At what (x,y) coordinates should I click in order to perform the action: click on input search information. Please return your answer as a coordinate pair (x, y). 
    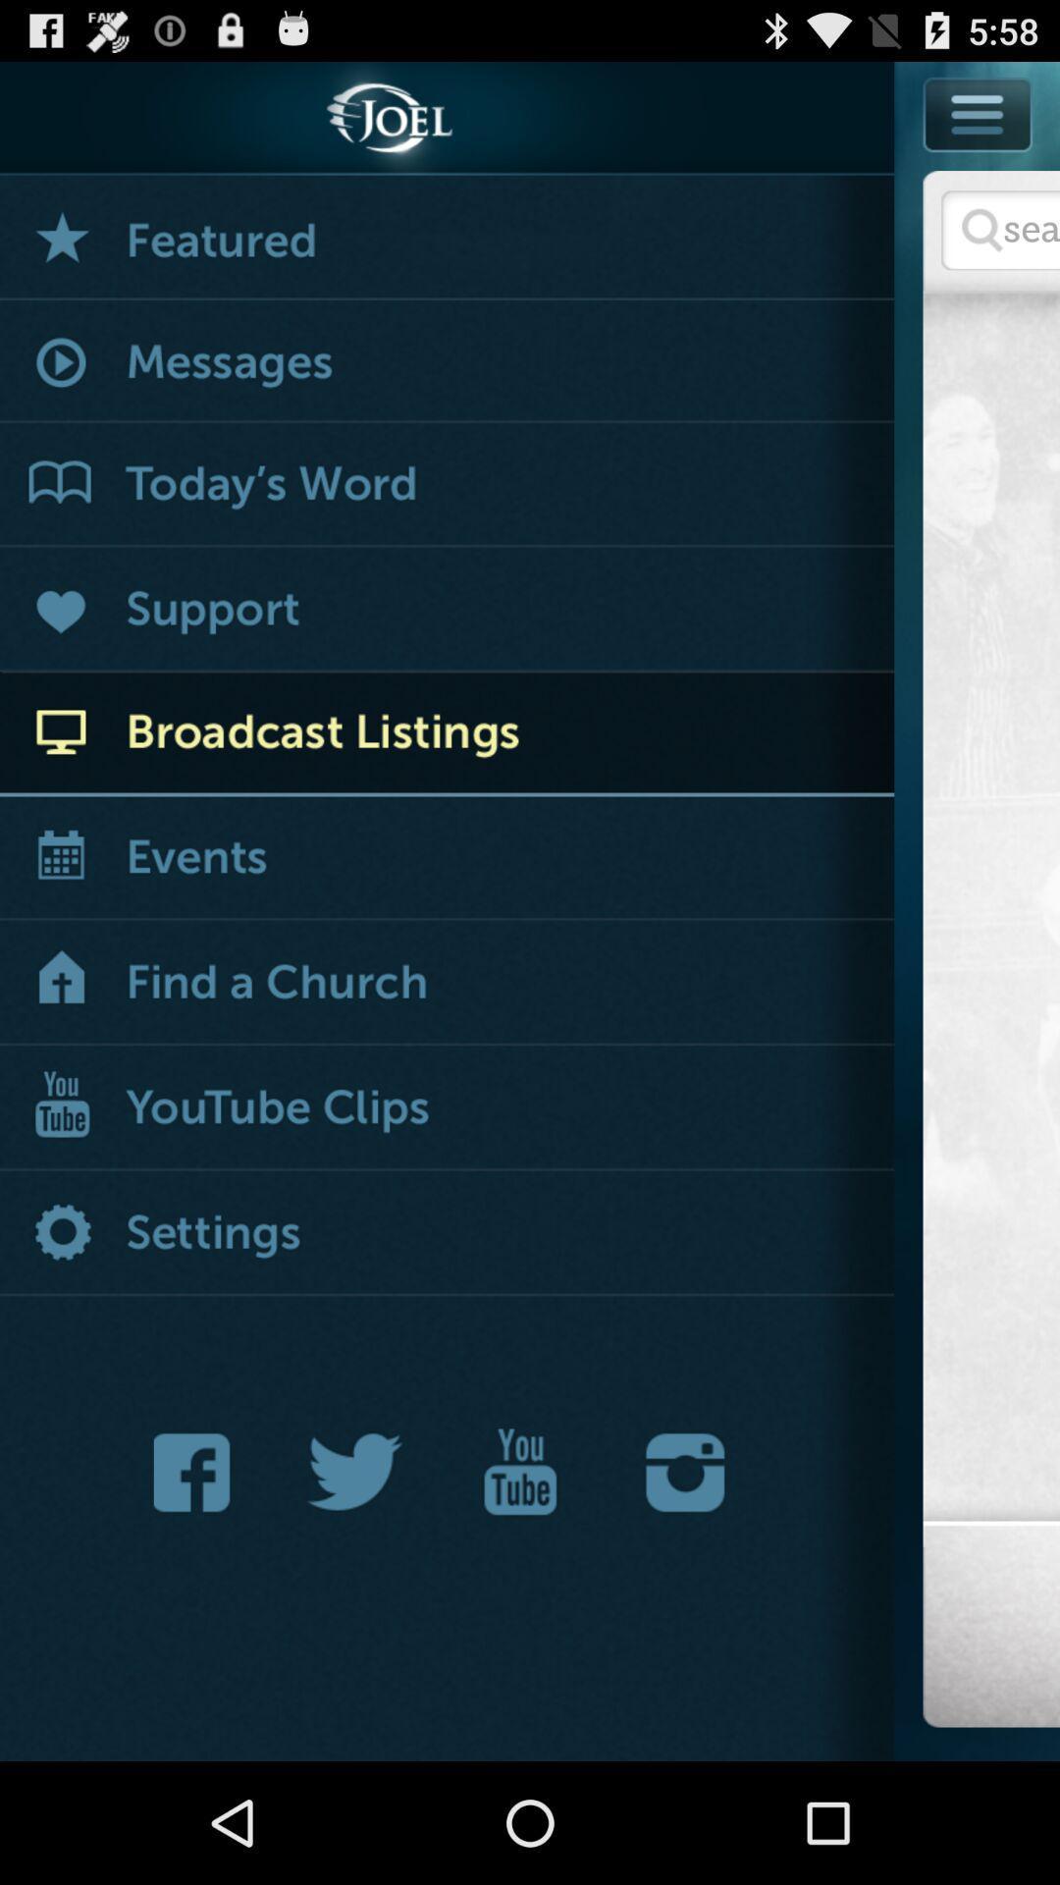
    Looking at the image, I should click on (1000, 230).